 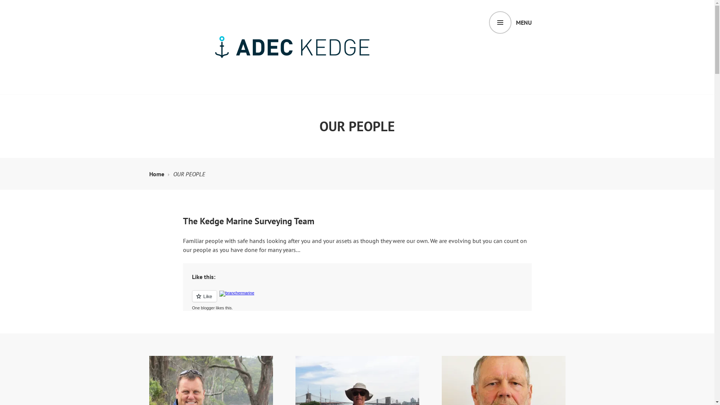 What do you see at coordinates (159, 174) in the screenshot?
I see `'Home'` at bounding box center [159, 174].